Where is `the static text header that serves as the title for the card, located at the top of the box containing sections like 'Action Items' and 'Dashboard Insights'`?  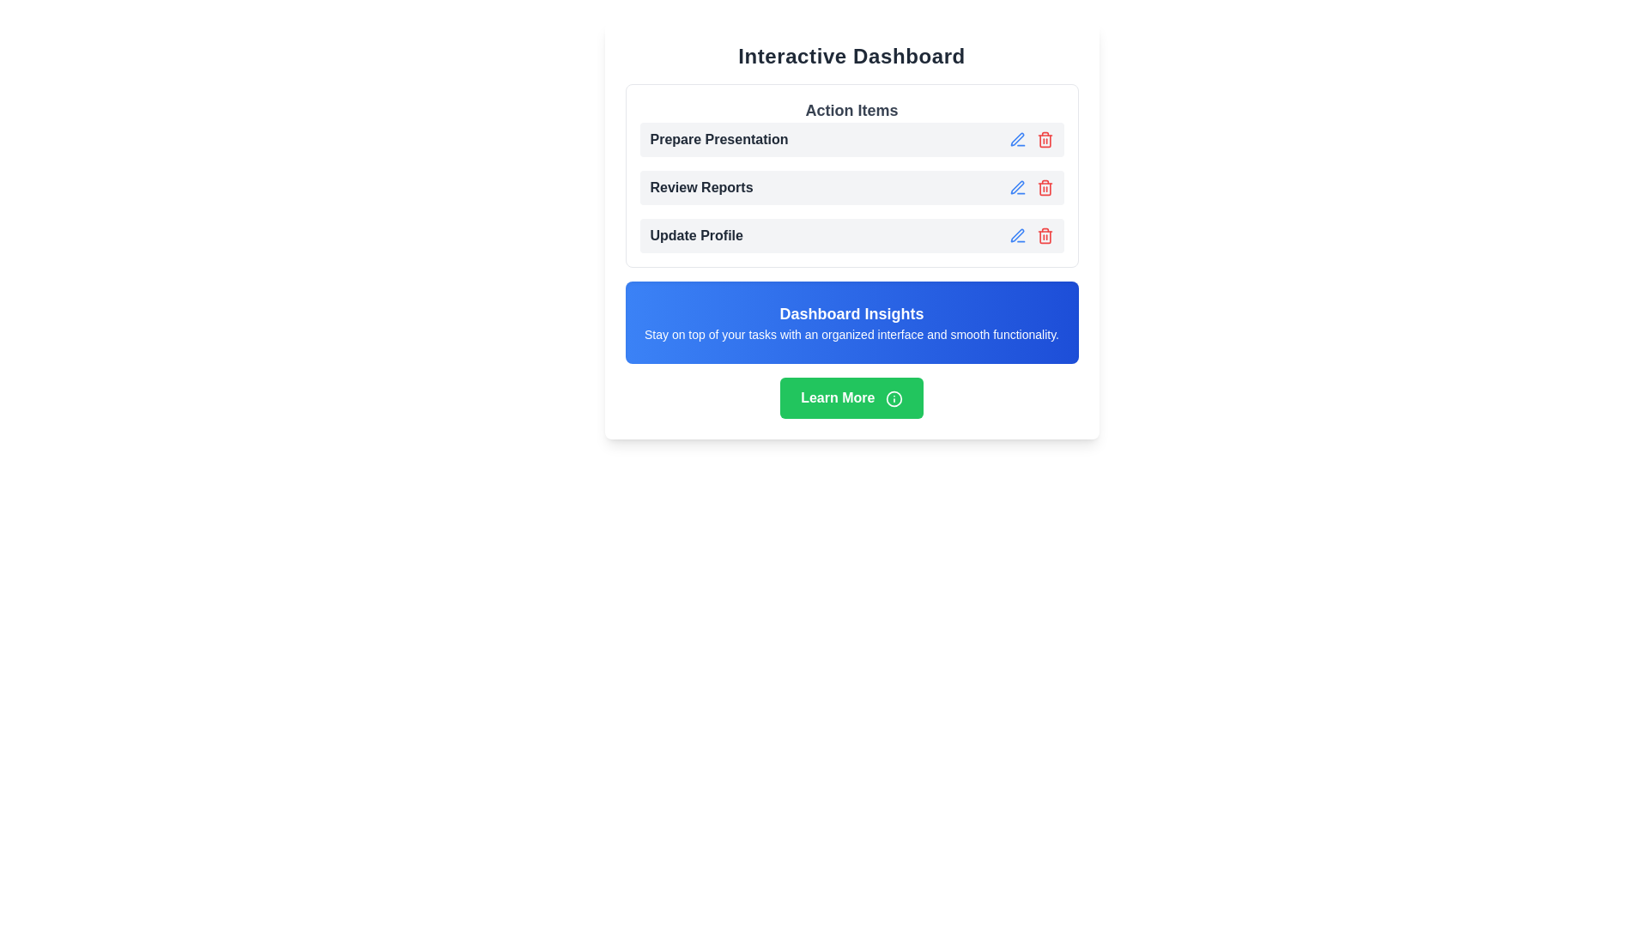 the static text header that serves as the title for the card, located at the top of the box containing sections like 'Action Items' and 'Dashboard Insights' is located at coordinates (851, 55).